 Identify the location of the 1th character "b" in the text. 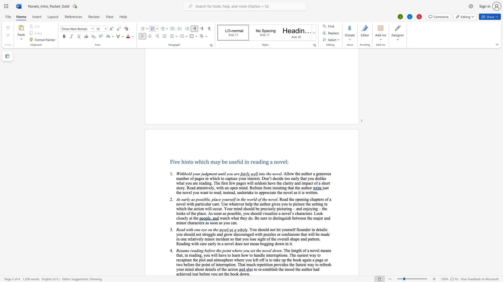
(197, 269).